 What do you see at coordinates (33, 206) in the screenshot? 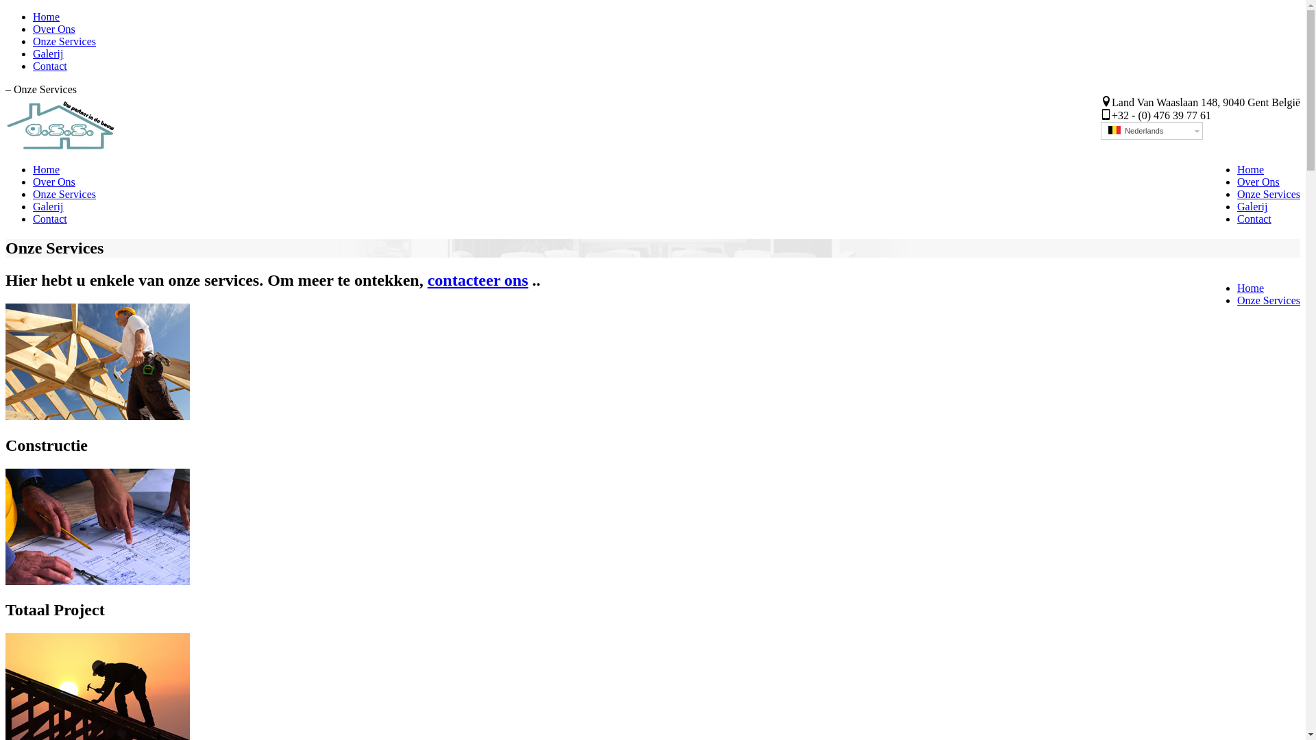
I see `'Galerij'` at bounding box center [33, 206].